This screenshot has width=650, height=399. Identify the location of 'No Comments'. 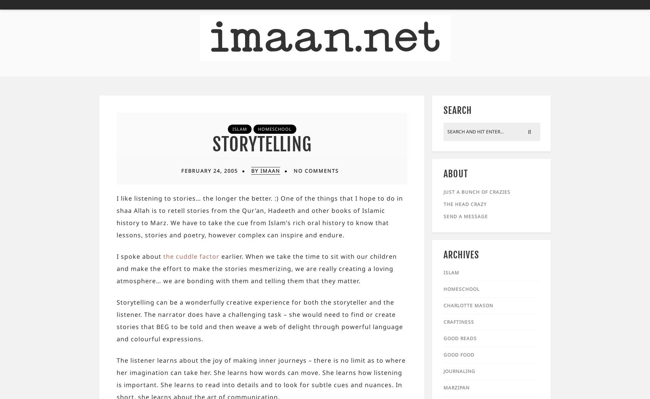
(316, 170).